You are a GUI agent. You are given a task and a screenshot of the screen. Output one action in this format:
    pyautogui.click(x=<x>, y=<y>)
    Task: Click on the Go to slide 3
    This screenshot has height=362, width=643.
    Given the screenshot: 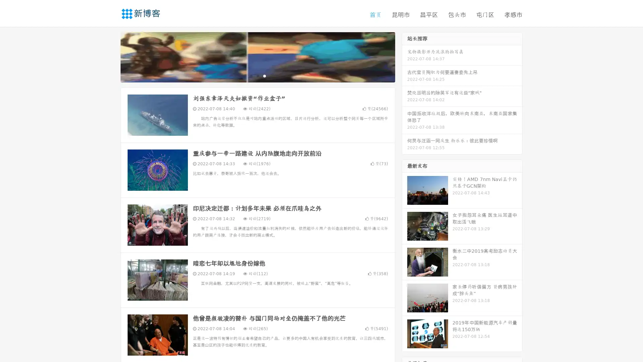 What is the action you would take?
    pyautogui.click(x=264, y=75)
    